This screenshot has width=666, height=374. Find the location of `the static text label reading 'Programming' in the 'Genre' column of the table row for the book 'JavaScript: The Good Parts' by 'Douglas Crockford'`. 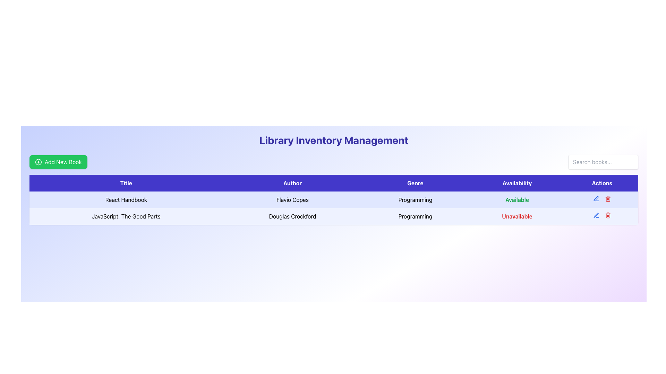

the static text label reading 'Programming' in the 'Genre' column of the table row for the book 'JavaScript: The Good Parts' by 'Douglas Crockford' is located at coordinates (415, 216).